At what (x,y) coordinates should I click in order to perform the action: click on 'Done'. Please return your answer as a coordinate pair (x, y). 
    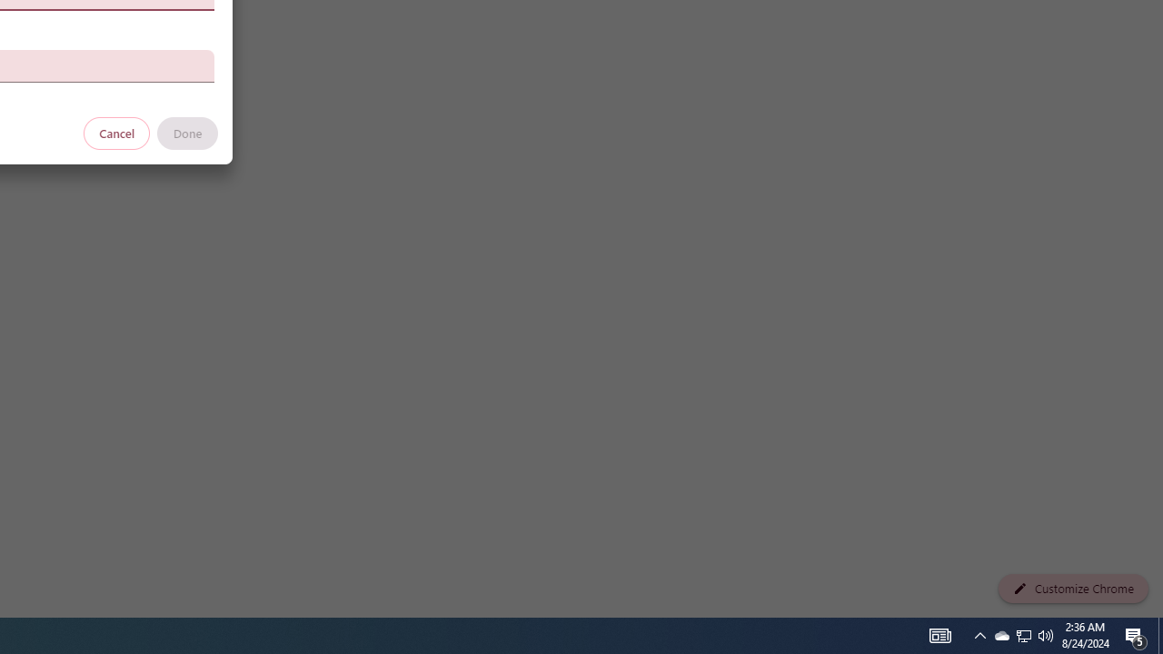
    Looking at the image, I should click on (187, 132).